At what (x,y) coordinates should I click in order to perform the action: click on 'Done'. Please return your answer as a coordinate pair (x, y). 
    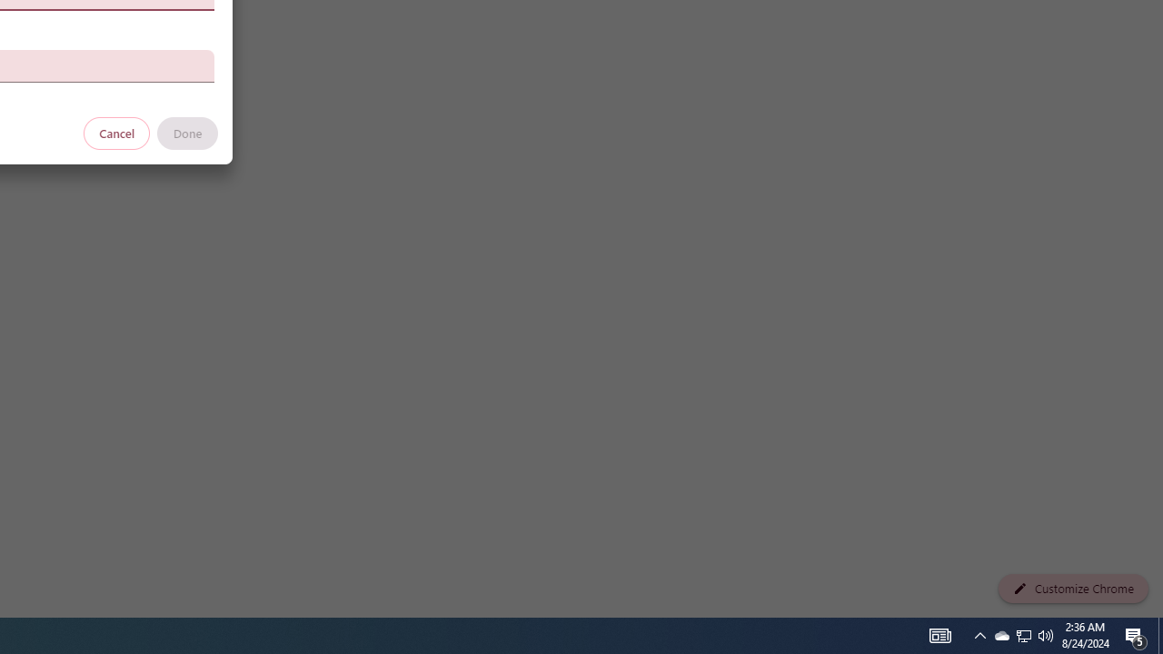
    Looking at the image, I should click on (187, 132).